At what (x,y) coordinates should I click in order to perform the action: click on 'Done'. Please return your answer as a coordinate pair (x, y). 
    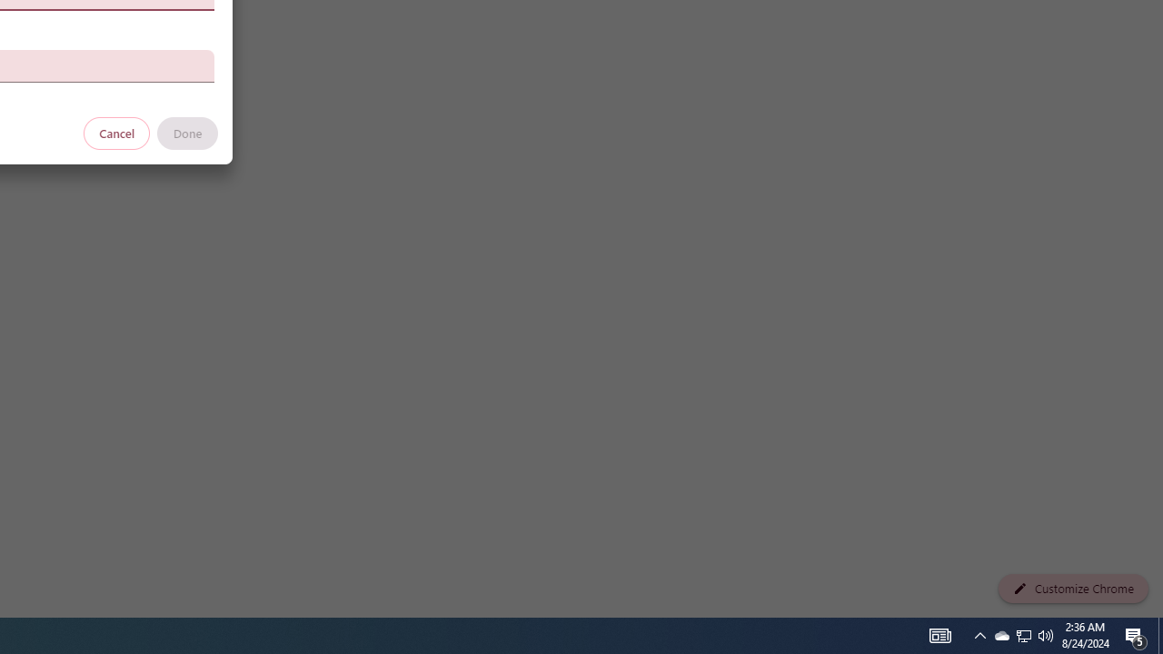
    Looking at the image, I should click on (187, 132).